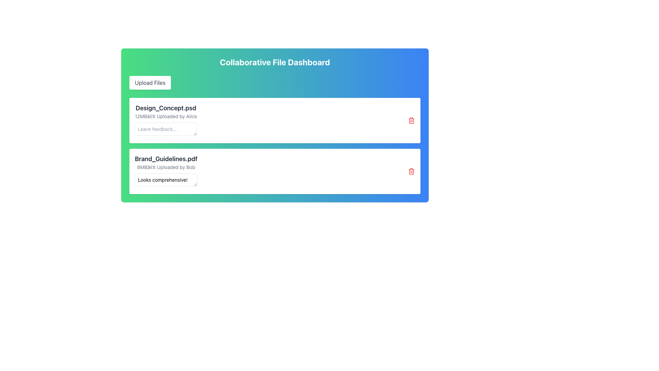 This screenshot has width=659, height=371. I want to click on text label 'Design_Concept.psd' which is the topmost file entry in the vertical list of file entries within a card on the dashboard, so click(166, 108).